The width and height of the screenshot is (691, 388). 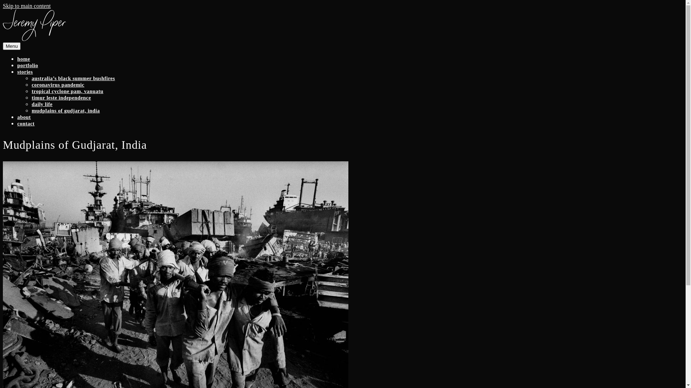 What do you see at coordinates (31, 91) in the screenshot?
I see `'tropical cyclone pam, vanuatu'` at bounding box center [31, 91].